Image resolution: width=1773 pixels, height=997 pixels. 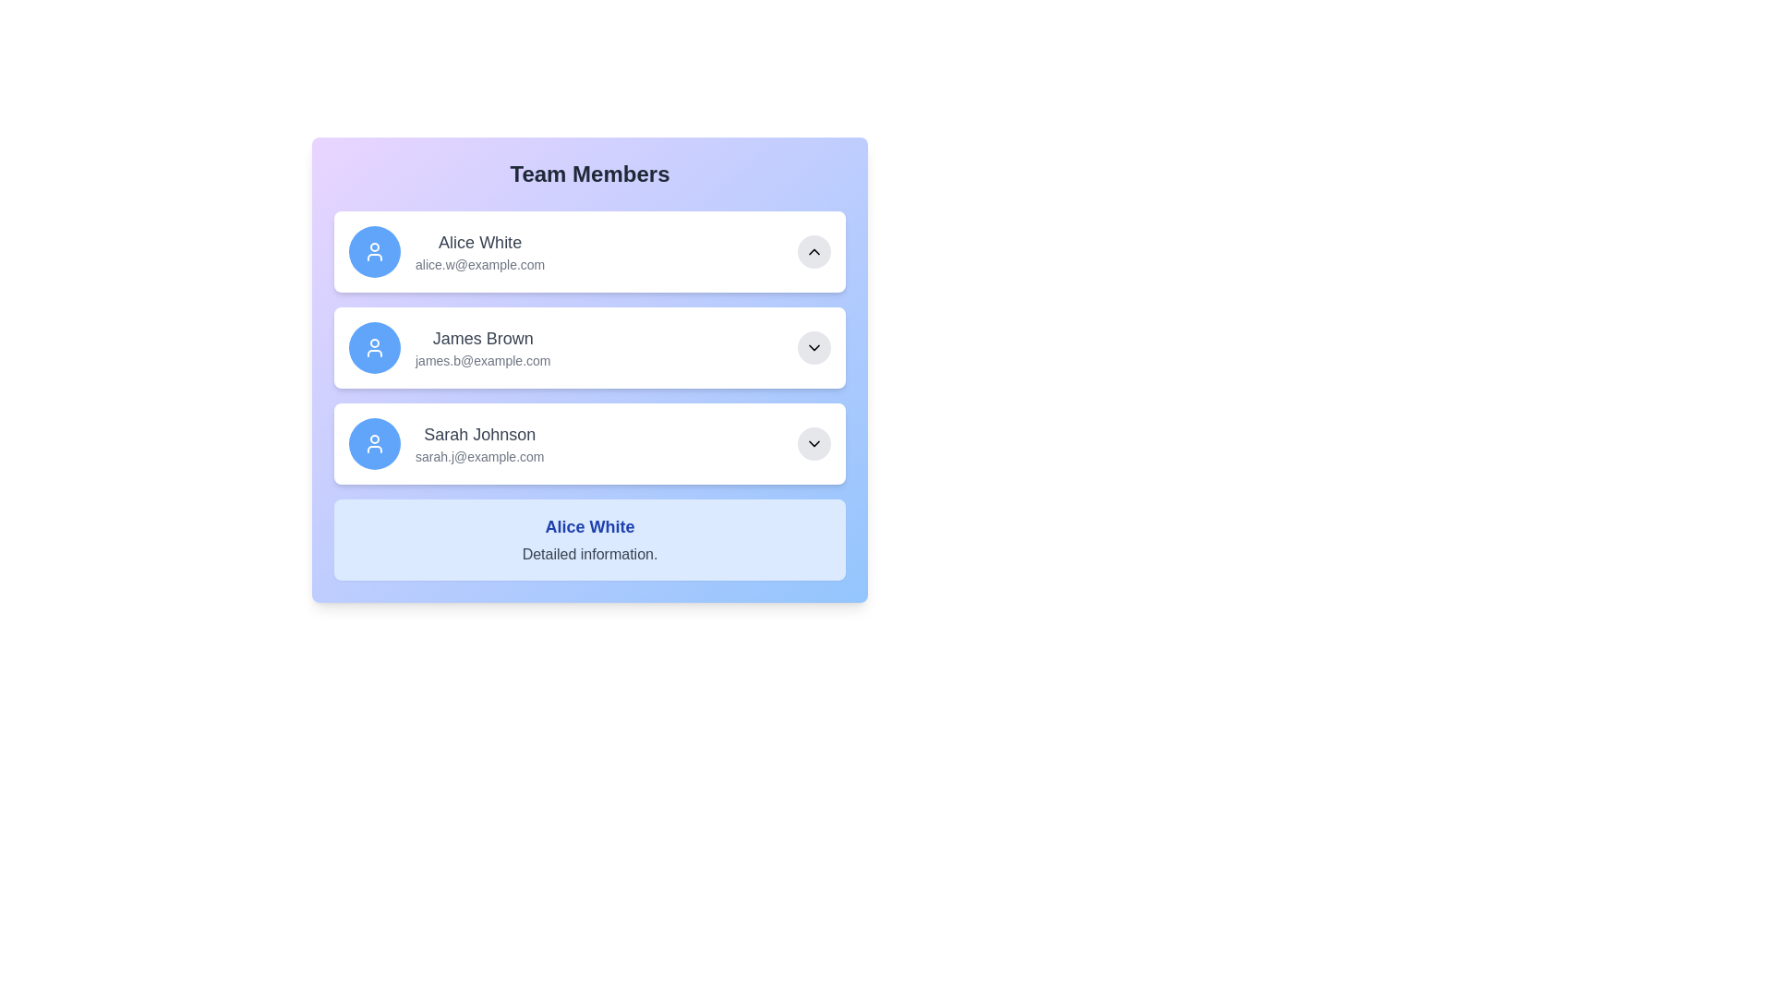 I want to click on the text label displaying the name 'Alice White', which is positioned at the top of the first team member card, above the email 'alice.w@example.com', so click(x=480, y=241).